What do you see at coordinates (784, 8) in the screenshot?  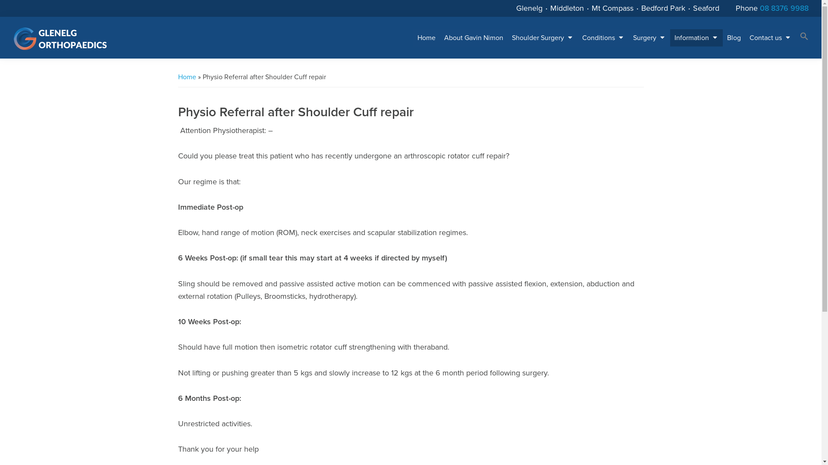 I see `'08 8376 9988'` at bounding box center [784, 8].